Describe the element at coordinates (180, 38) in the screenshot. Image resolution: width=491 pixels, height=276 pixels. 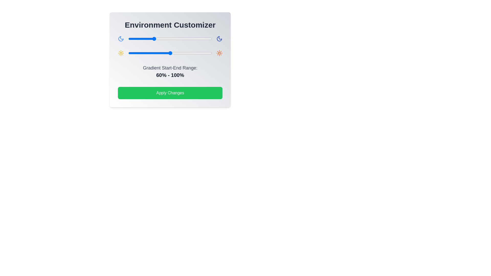
I see `the gradient slider 0 to 124` at that location.